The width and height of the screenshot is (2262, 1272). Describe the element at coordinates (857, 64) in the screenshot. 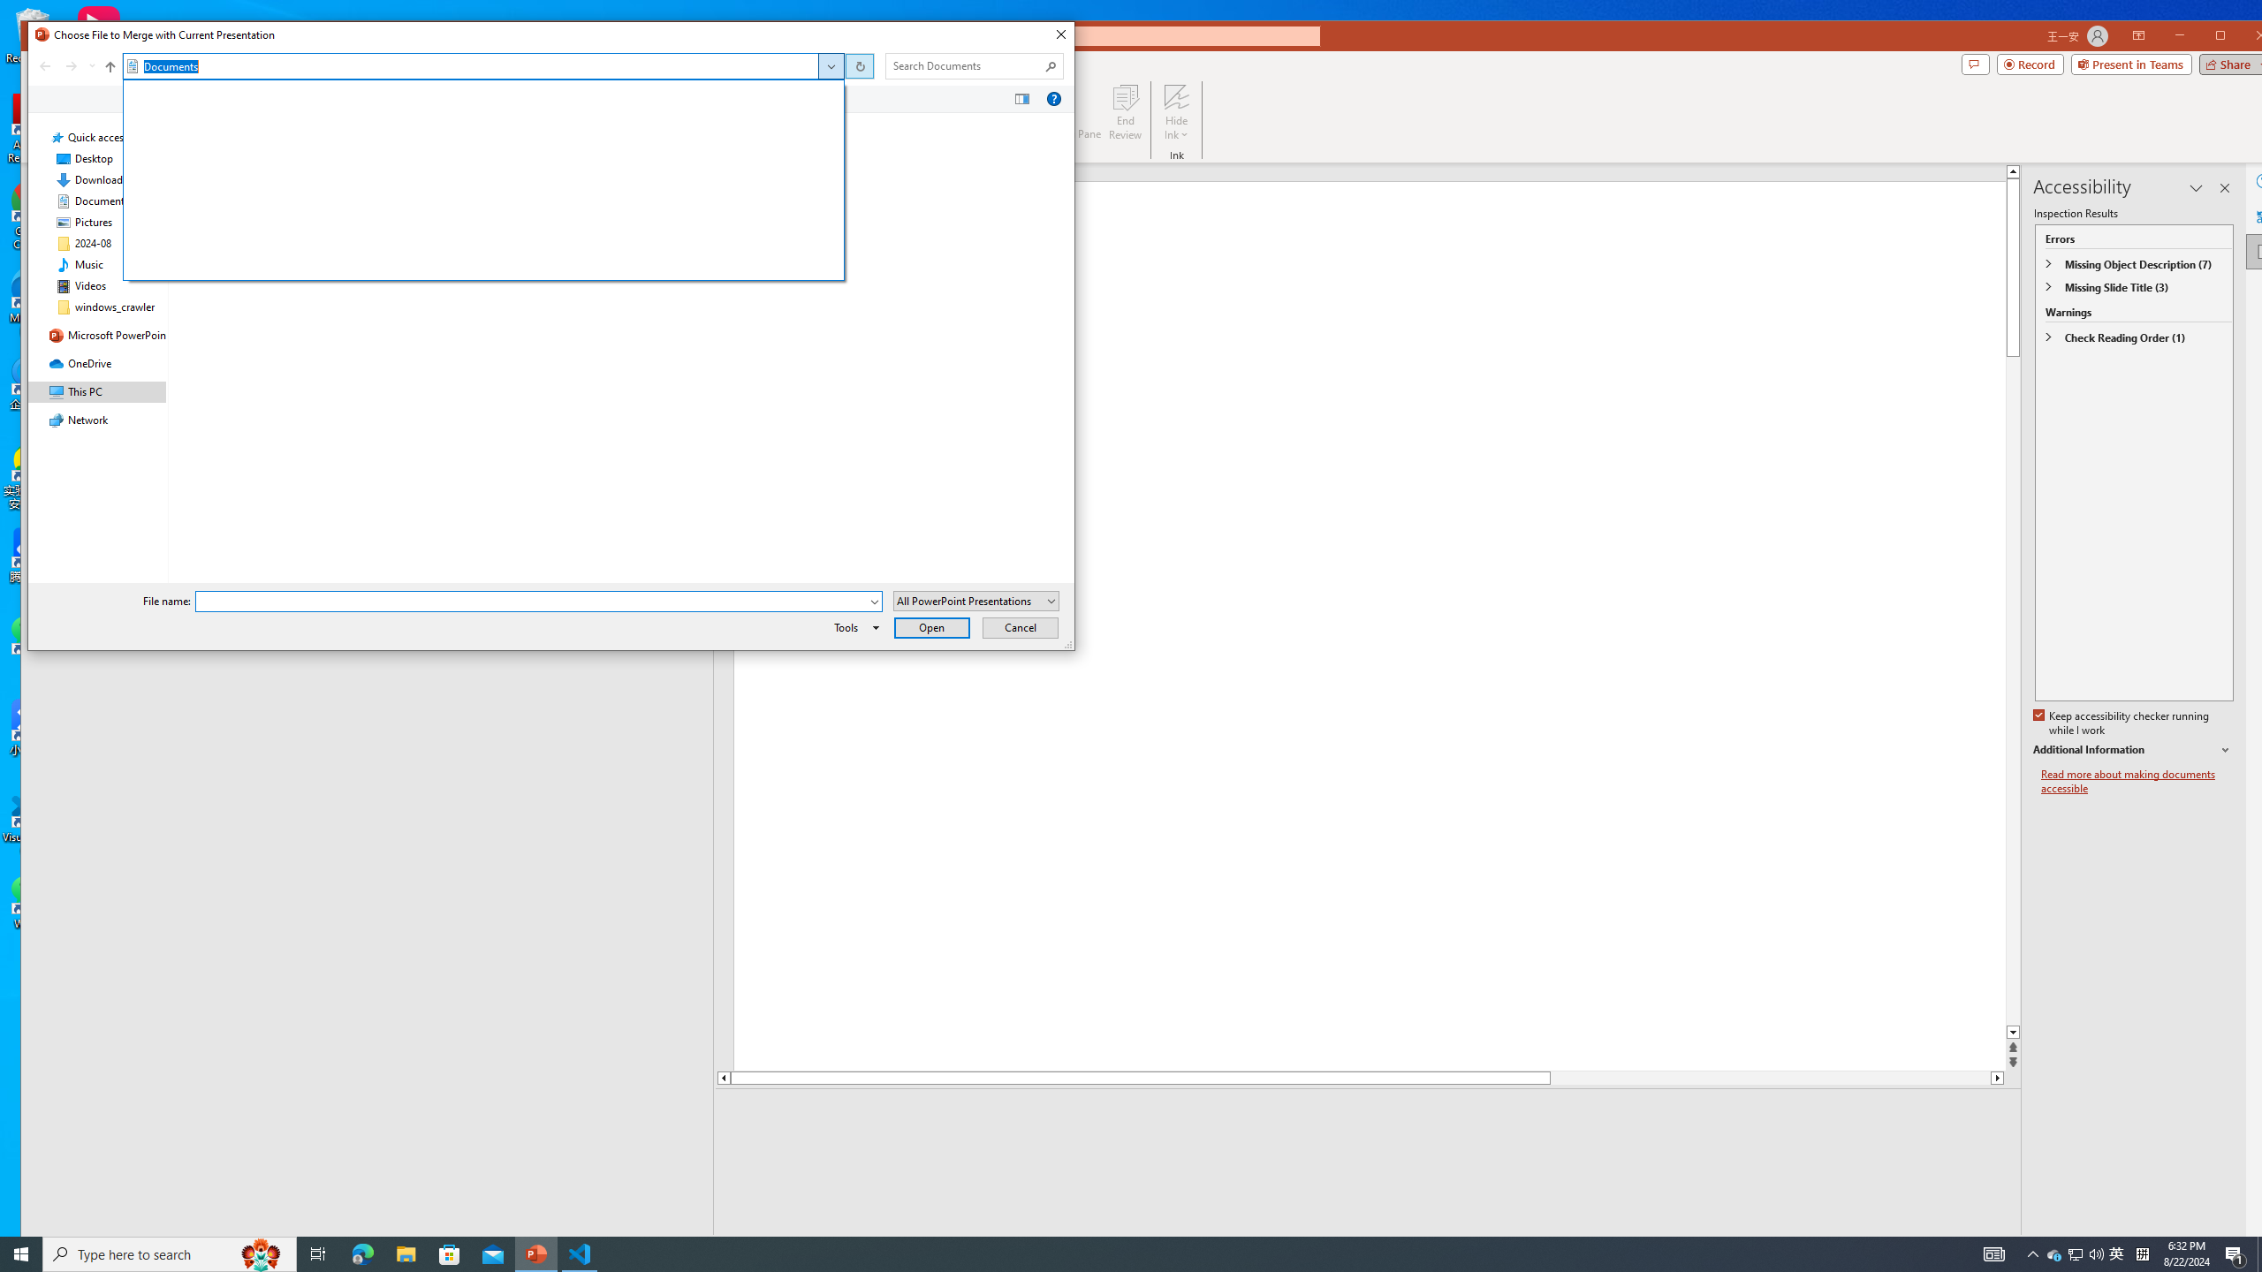

I see `'Address band toolbar'` at that location.